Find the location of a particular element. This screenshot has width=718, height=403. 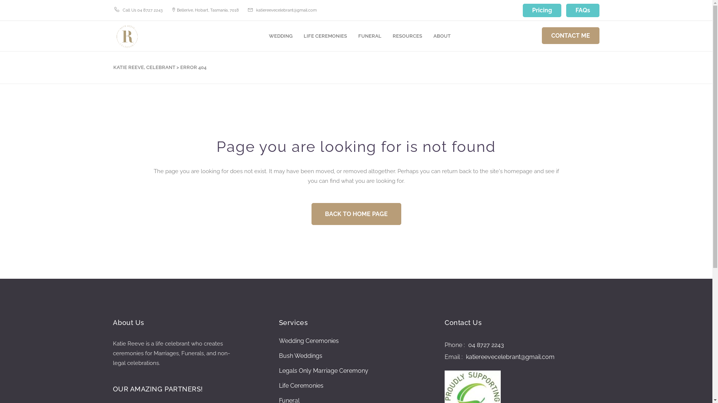

'LIFE CEREMONIES' is located at coordinates (297, 36).